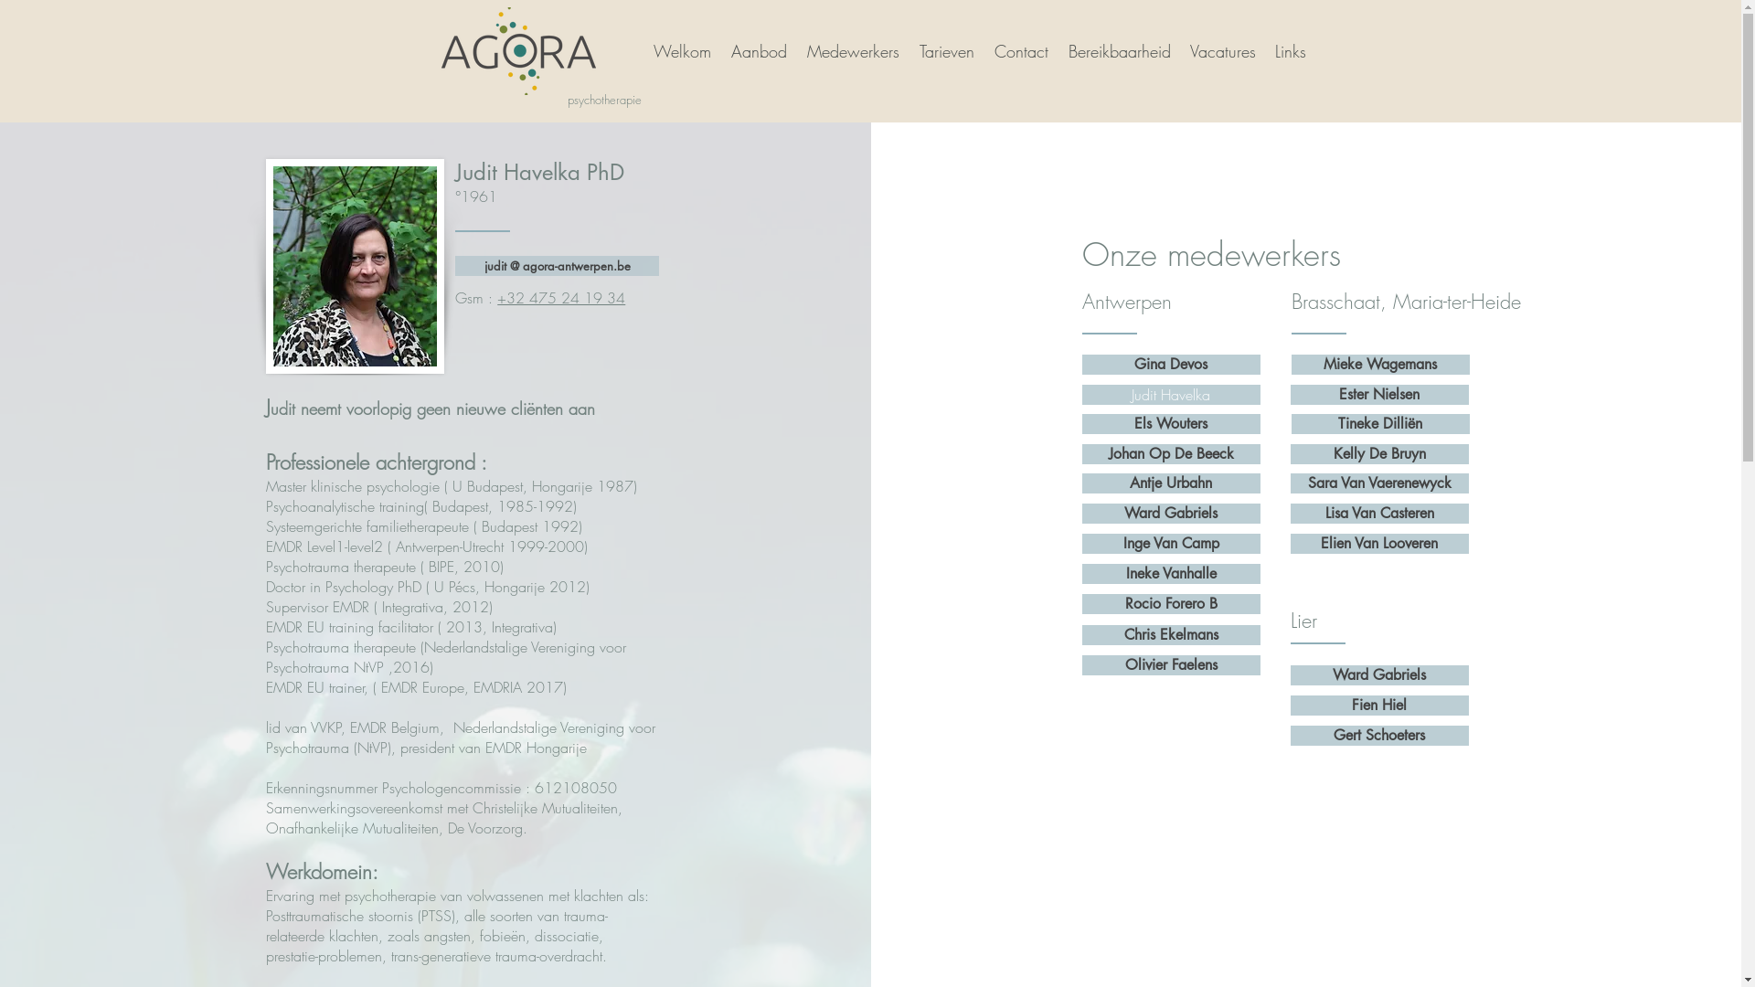 The height and width of the screenshot is (987, 1755). Describe the element at coordinates (1171, 394) in the screenshot. I see `'Judit Havelka'` at that location.